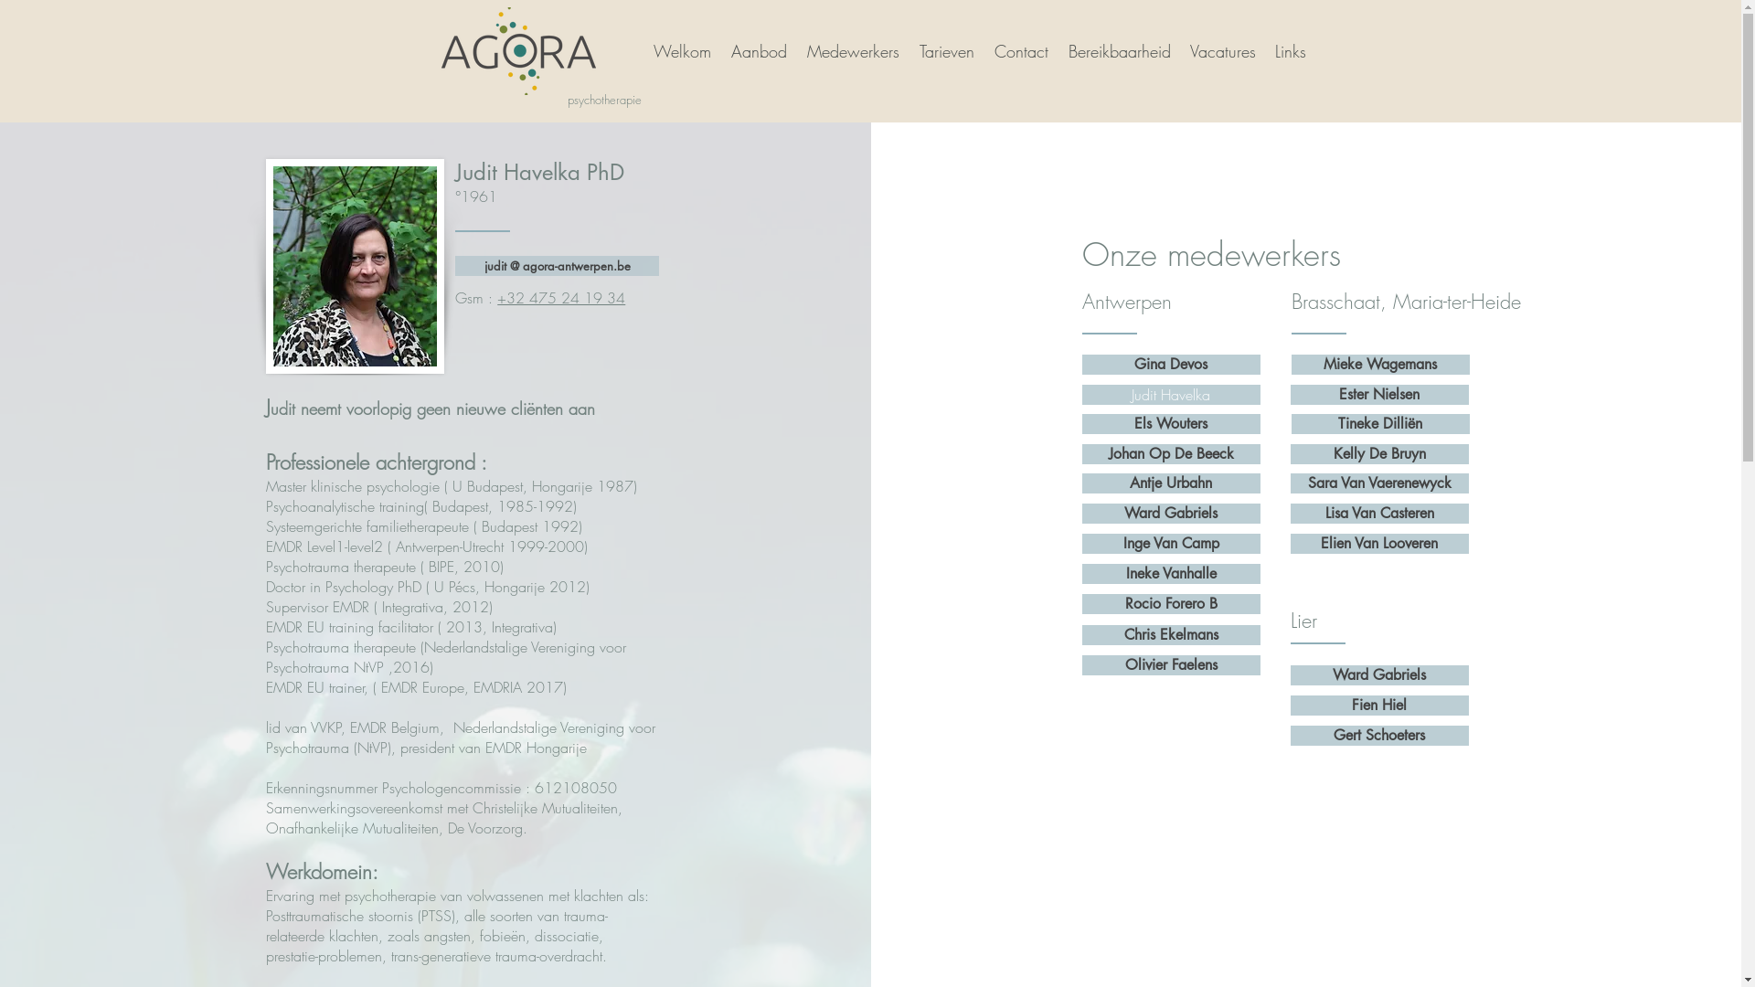 The height and width of the screenshot is (987, 1755). Describe the element at coordinates (1171, 394) in the screenshot. I see `'Judit Havelka'` at that location.